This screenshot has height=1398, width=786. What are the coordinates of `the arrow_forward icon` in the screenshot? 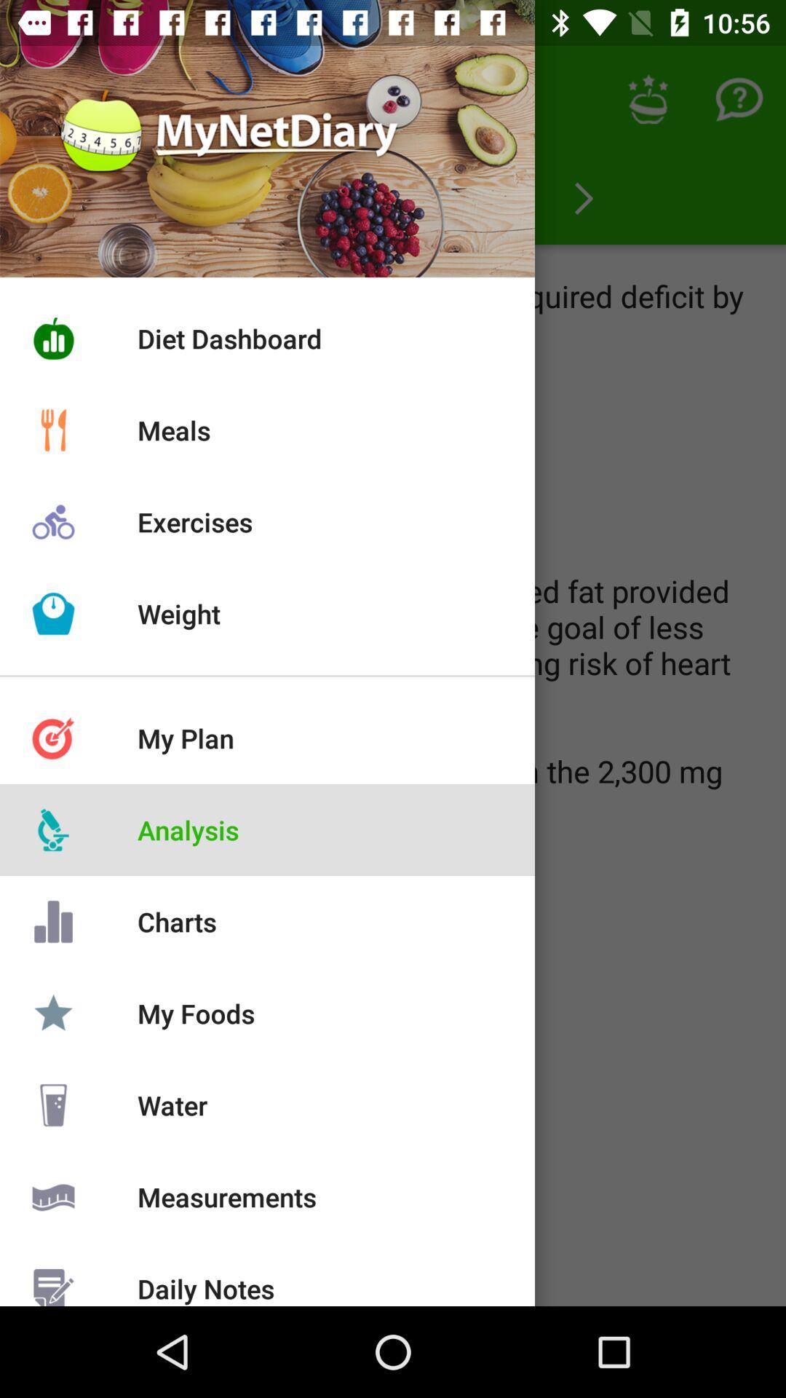 It's located at (583, 198).